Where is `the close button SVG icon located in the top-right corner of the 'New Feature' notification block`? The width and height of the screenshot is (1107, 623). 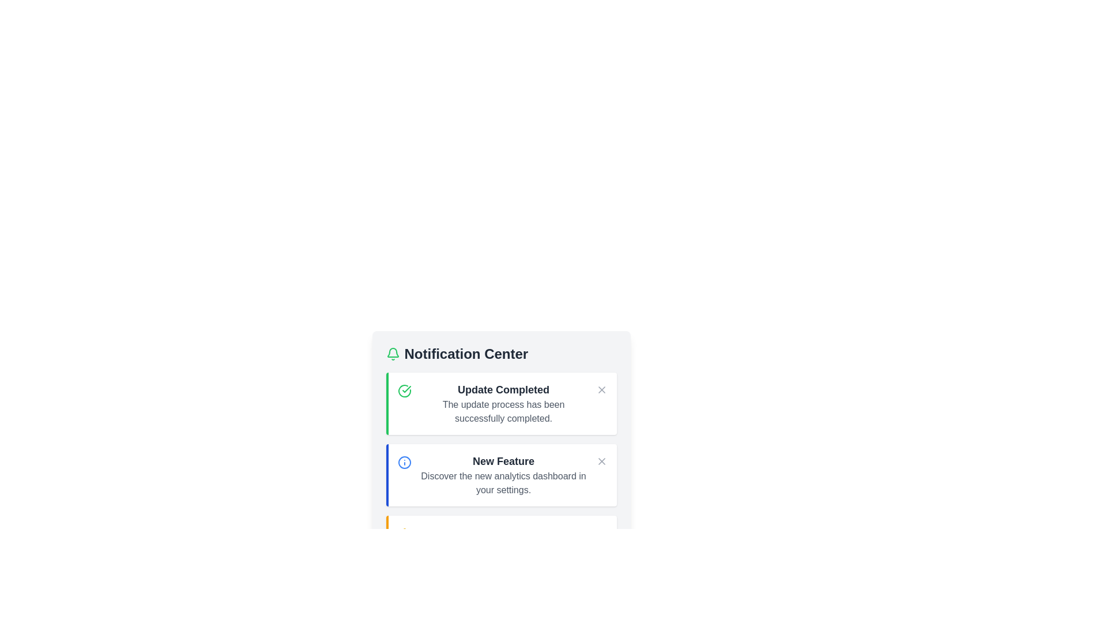
the close button SVG icon located in the top-right corner of the 'New Feature' notification block is located at coordinates (601, 460).